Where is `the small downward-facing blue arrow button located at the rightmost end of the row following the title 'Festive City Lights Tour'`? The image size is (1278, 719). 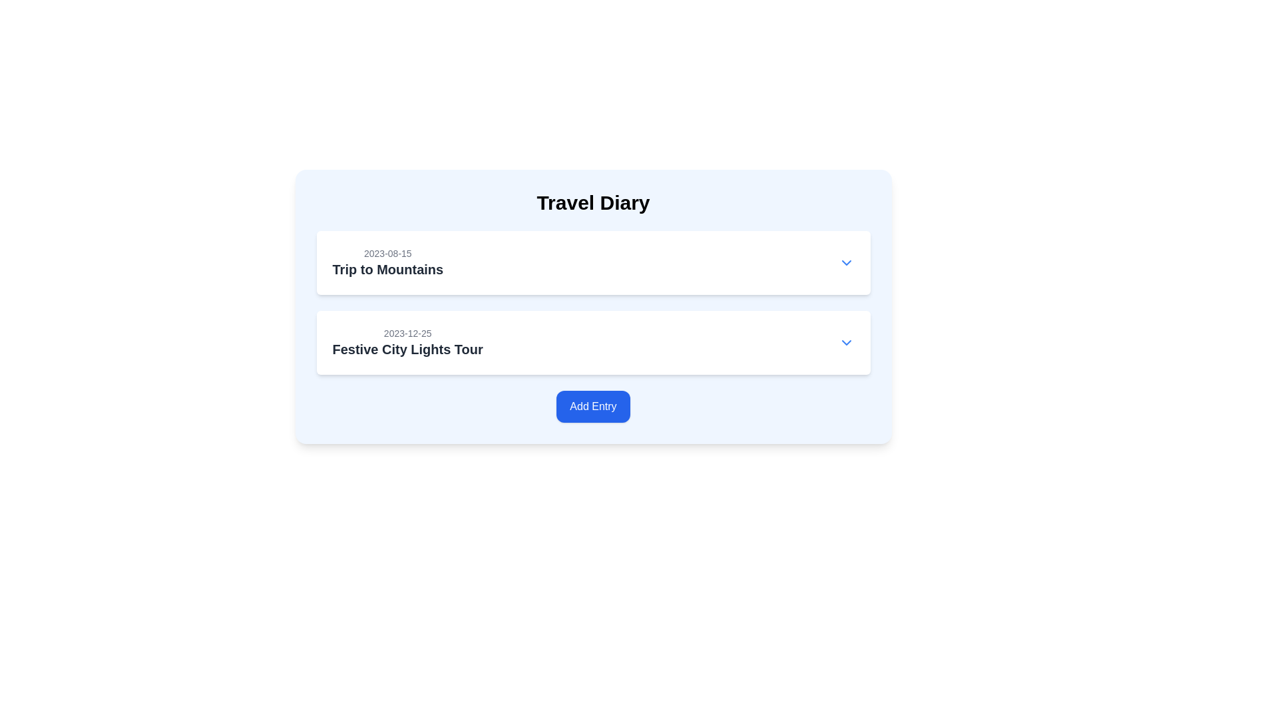
the small downward-facing blue arrow button located at the rightmost end of the row following the title 'Festive City Lights Tour' is located at coordinates (845, 342).